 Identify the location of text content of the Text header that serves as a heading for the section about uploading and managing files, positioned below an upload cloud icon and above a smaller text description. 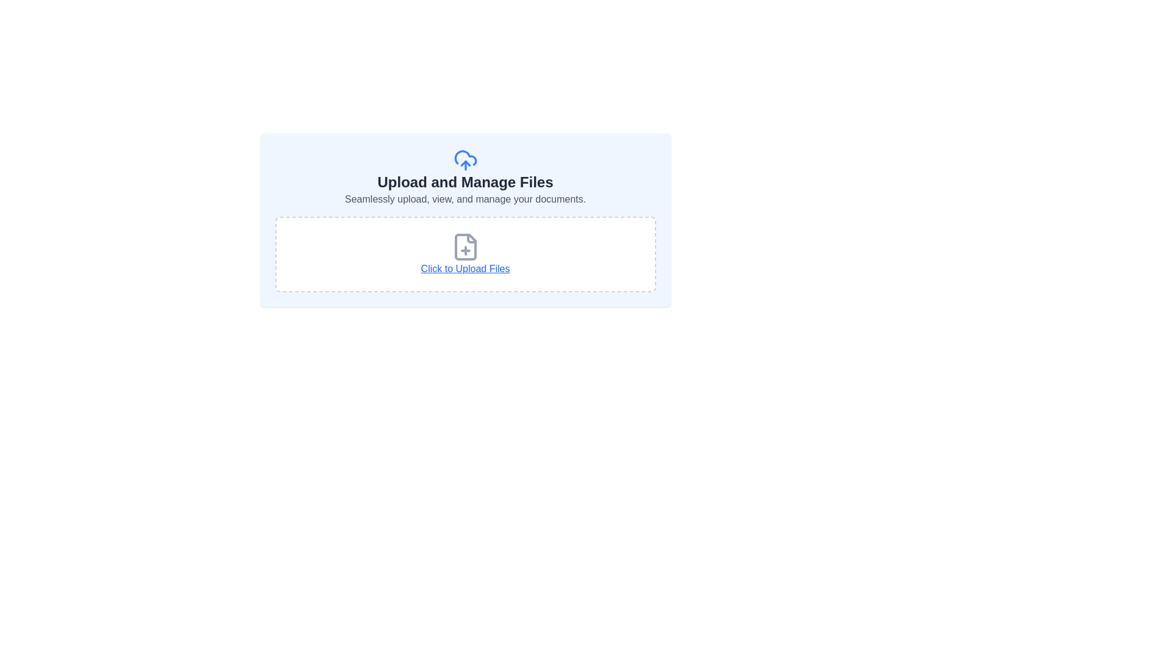
(465, 182).